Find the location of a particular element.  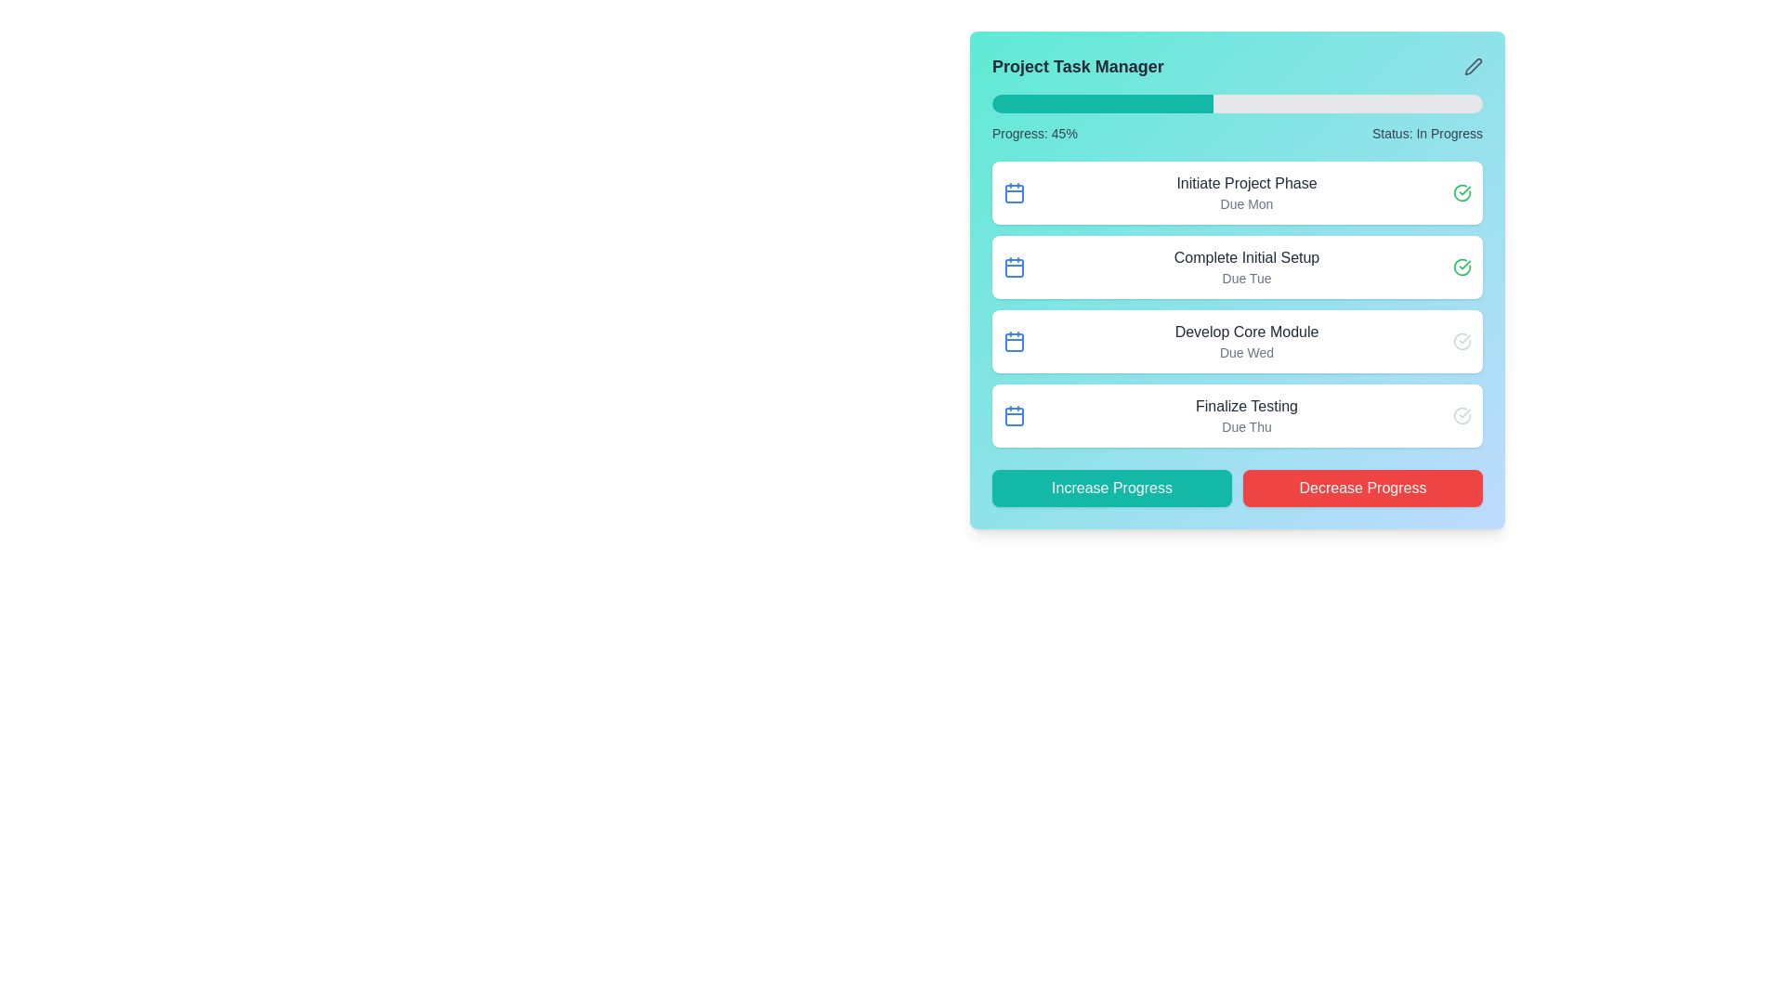

the progress bar is located at coordinates (1115, 103).